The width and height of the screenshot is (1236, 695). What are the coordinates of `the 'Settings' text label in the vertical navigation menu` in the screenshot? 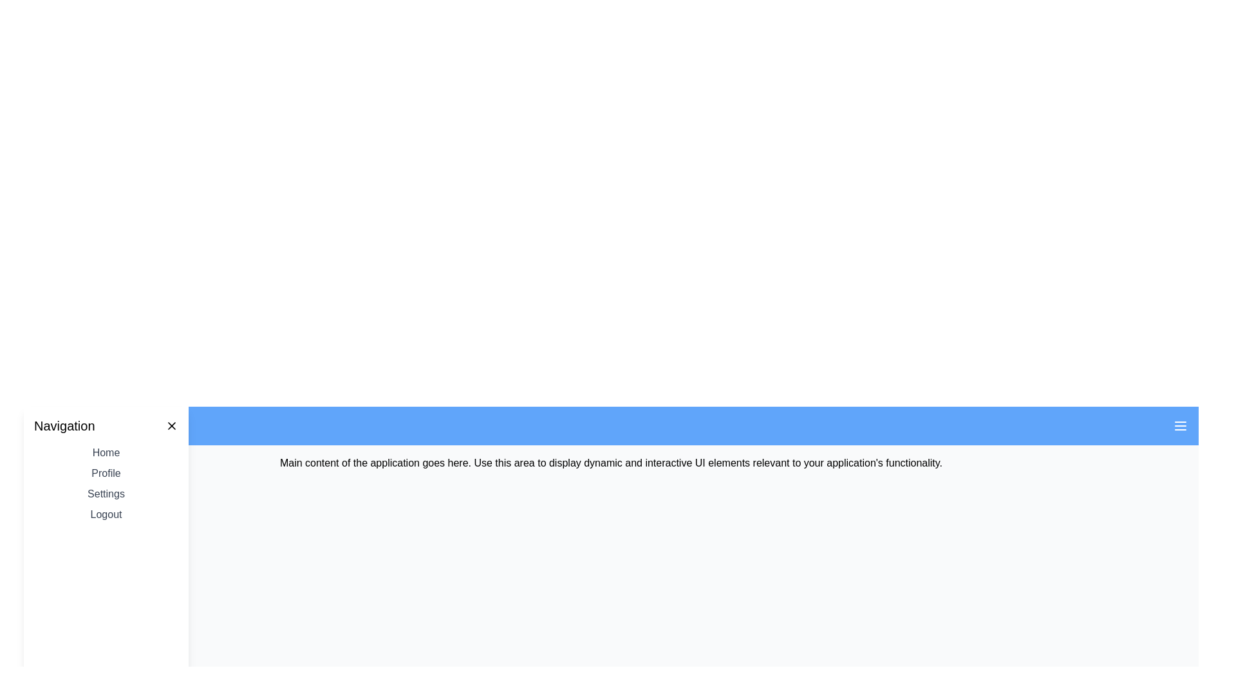 It's located at (106, 493).